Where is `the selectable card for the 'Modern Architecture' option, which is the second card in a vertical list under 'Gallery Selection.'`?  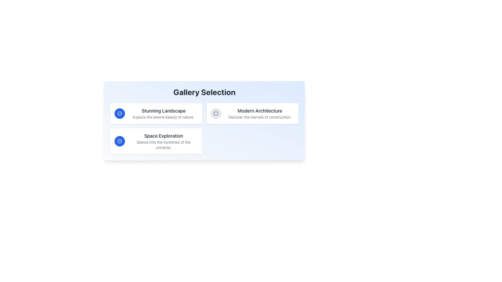 the selectable card for the 'Modern Architecture' option, which is the second card in a vertical list under 'Gallery Selection.' is located at coordinates (252, 113).